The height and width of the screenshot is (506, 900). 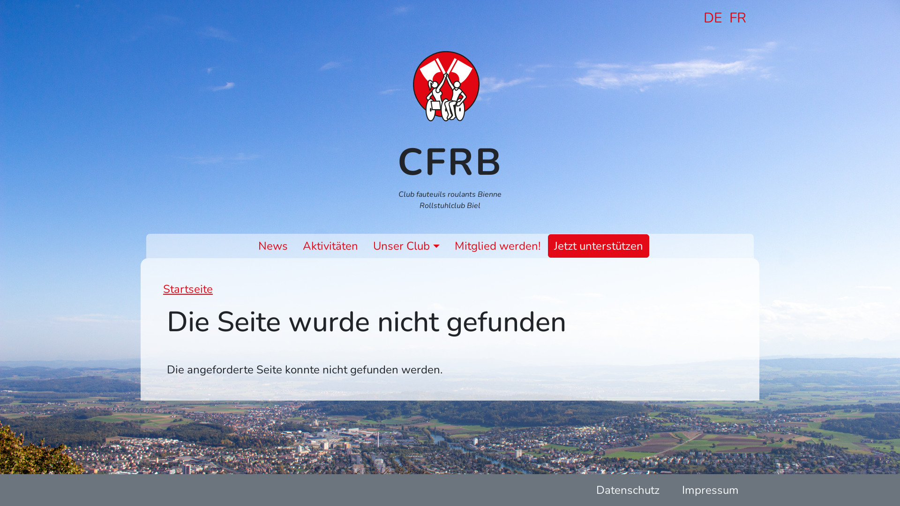 What do you see at coordinates (406, 245) in the screenshot?
I see `'Unser Club'` at bounding box center [406, 245].